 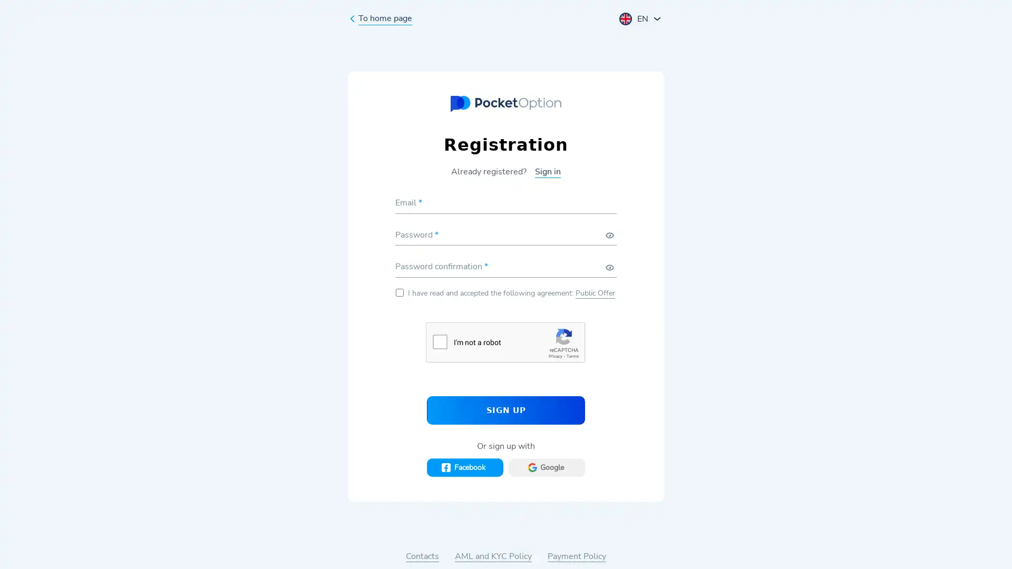 I want to click on SIGN UP, so click(x=506, y=409).